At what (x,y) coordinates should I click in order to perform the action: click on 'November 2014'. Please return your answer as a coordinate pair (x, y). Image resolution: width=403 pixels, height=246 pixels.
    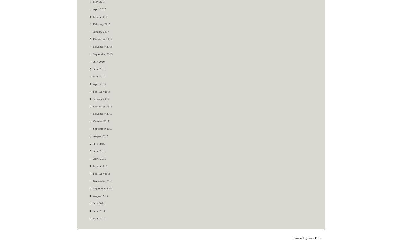
    Looking at the image, I should click on (93, 181).